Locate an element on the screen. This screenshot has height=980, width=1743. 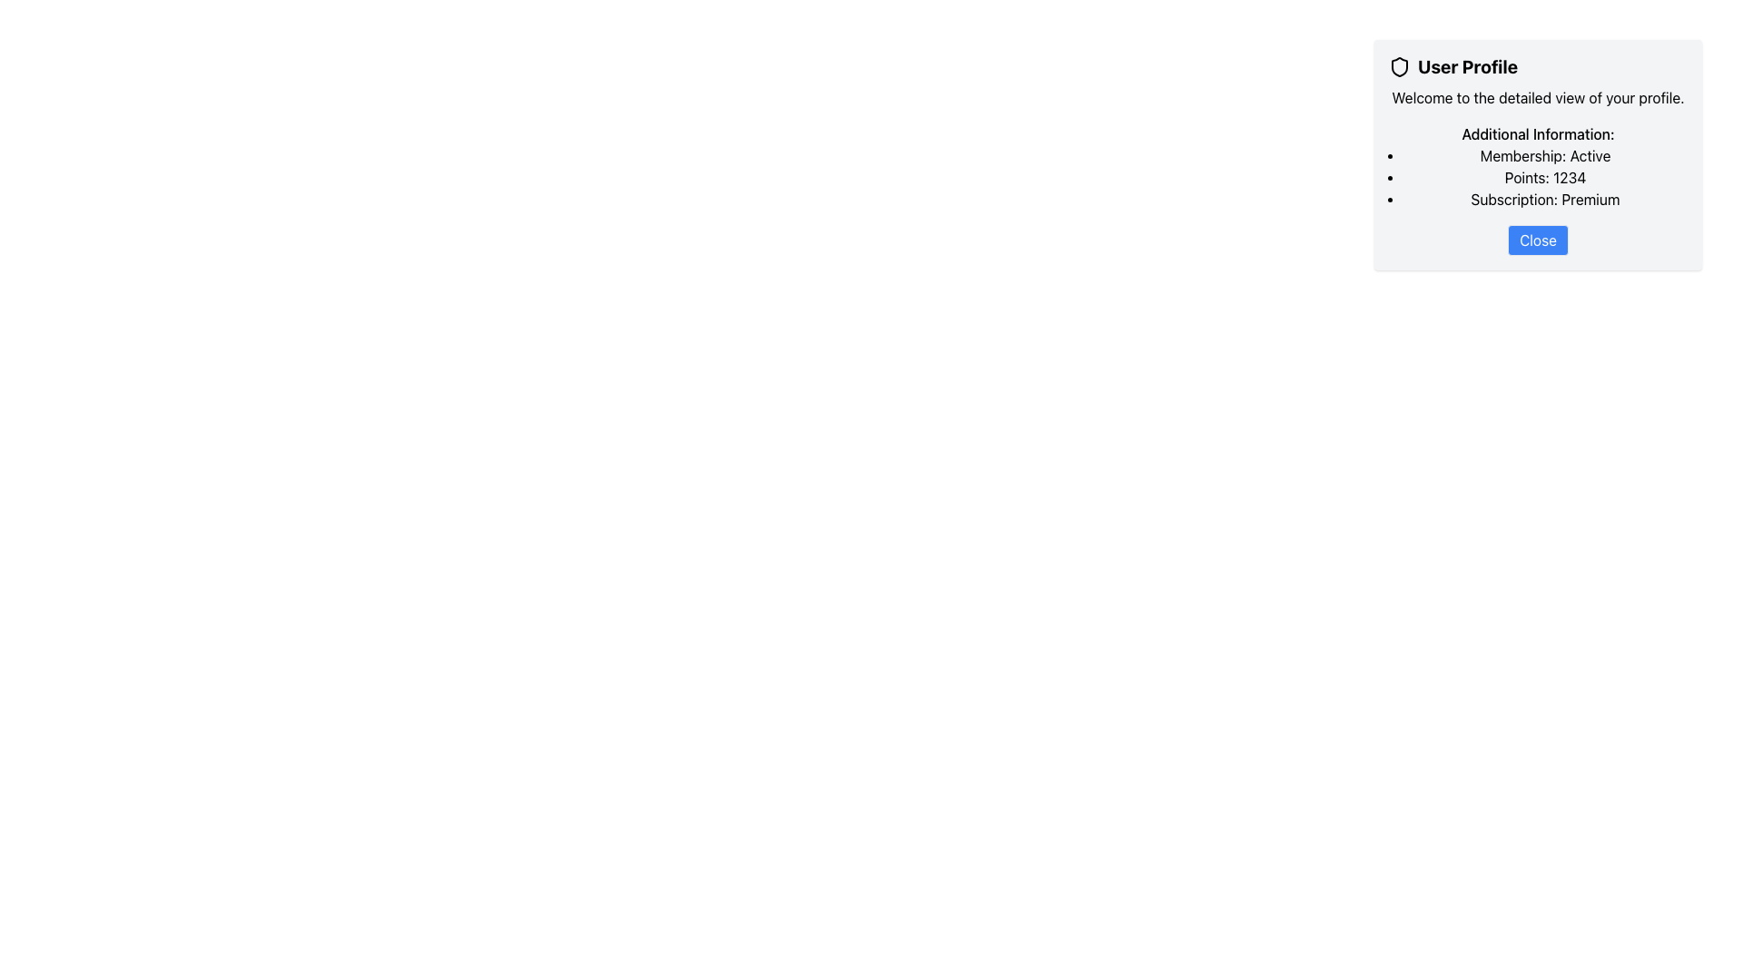
the shield-shaped SVG icon located at the top-left corner of the 'User Profile' card is located at coordinates (1398, 65).